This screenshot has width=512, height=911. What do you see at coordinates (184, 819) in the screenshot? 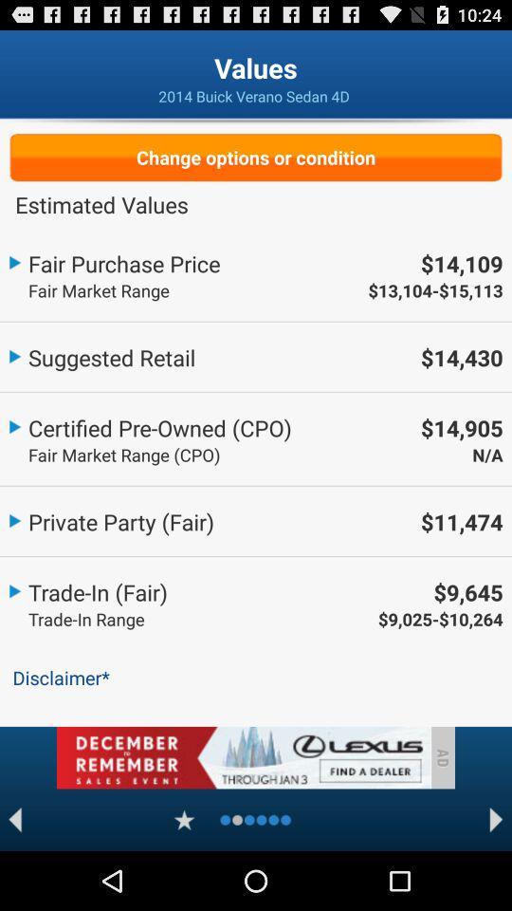
I see `book mark` at bounding box center [184, 819].